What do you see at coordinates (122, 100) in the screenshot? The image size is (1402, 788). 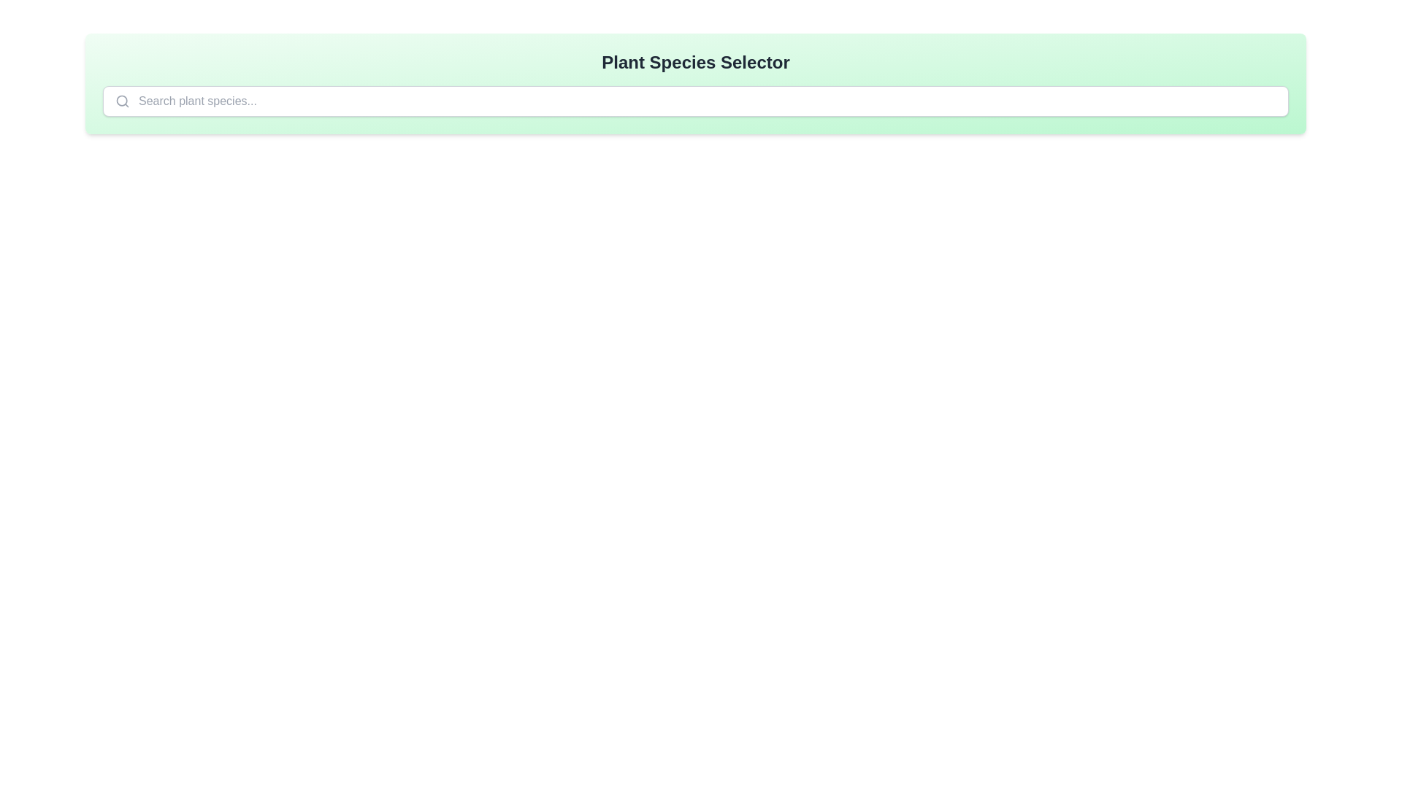 I see `the SVG circle element that is part of the search icon located within the search bar, to the left of the placeholder text 'Search plant species...'` at bounding box center [122, 100].